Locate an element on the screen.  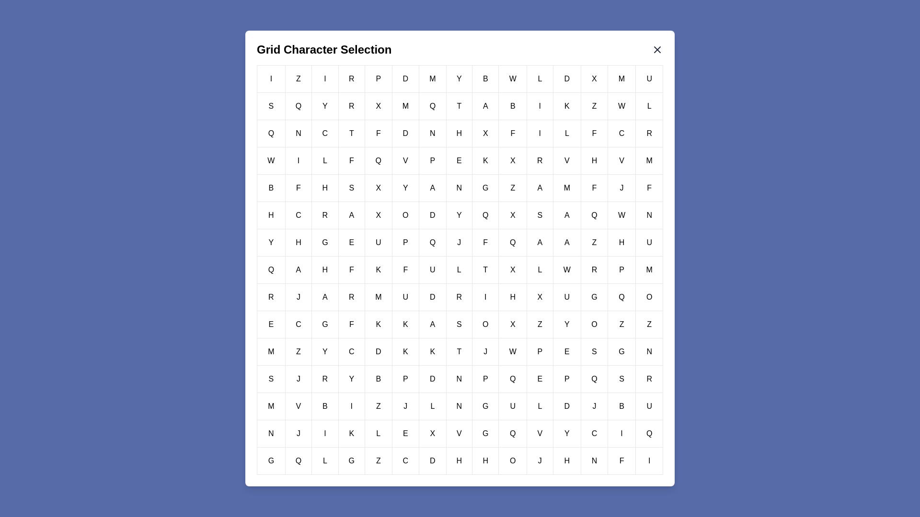
the close button to close the dialog is located at coordinates (657, 50).